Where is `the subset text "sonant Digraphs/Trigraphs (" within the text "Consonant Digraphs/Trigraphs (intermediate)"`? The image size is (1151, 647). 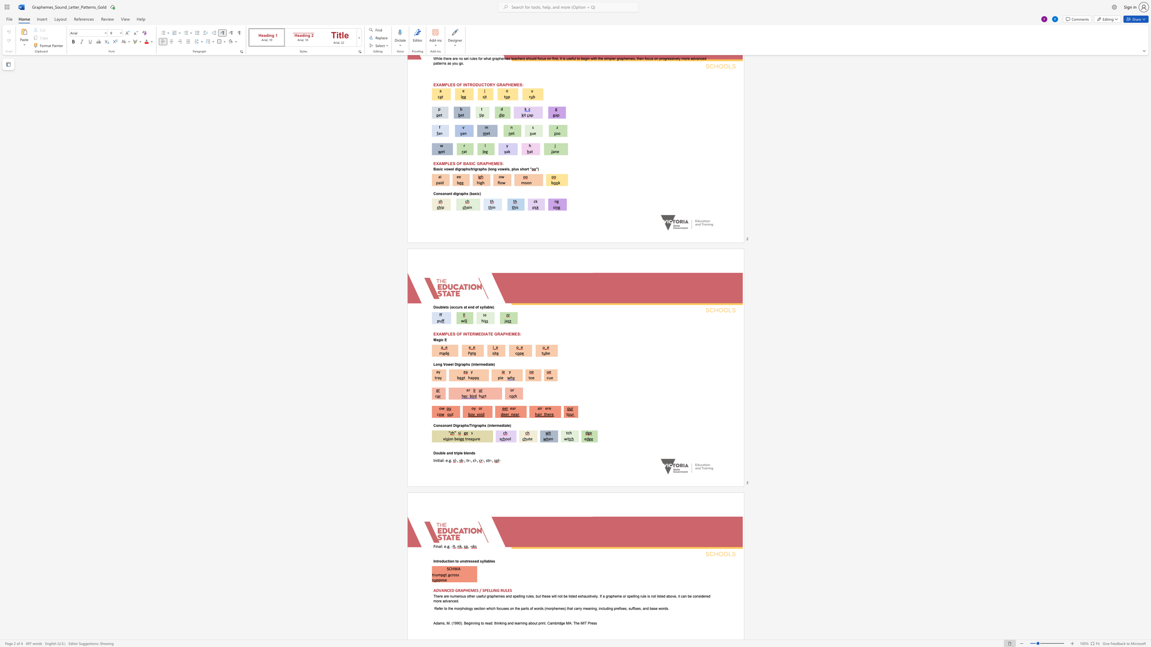
the subset text "sonant Digraphs/Trigraphs (" within the text "Consonant Digraphs/Trigraphs (intermediate)" is located at coordinates (440, 425).